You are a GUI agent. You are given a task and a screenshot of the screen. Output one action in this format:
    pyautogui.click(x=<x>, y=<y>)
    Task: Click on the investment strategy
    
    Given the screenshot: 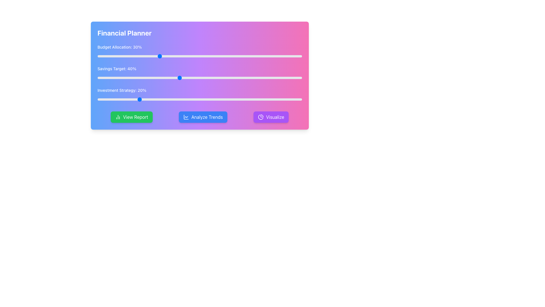 What is the action you would take?
    pyautogui.click(x=136, y=99)
    